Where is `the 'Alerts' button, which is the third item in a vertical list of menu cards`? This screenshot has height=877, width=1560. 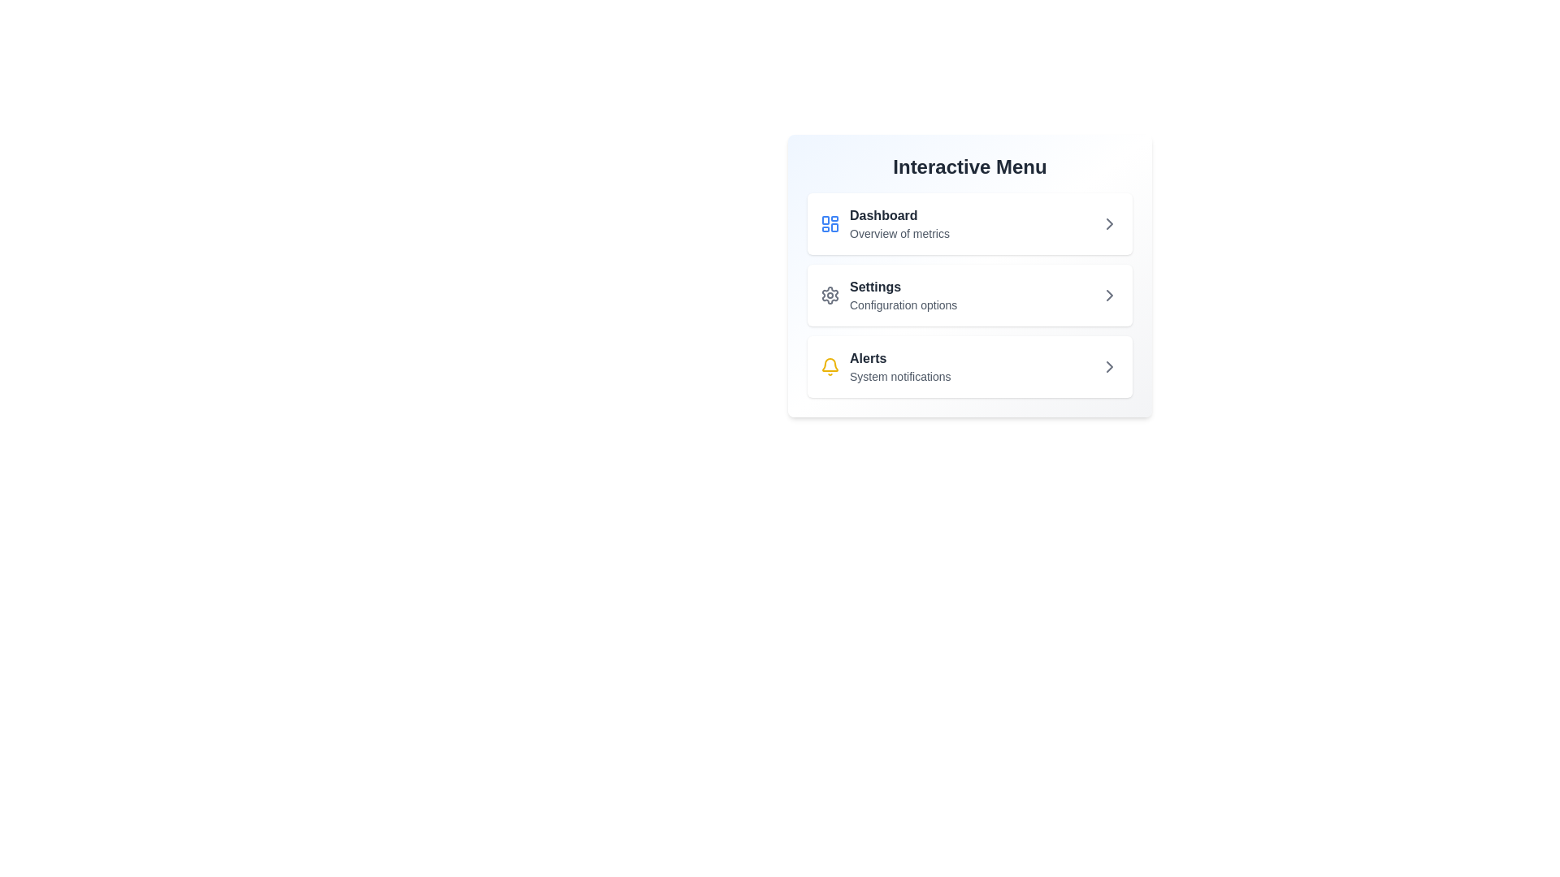
the 'Alerts' button, which is the third item in a vertical list of menu cards is located at coordinates (970, 366).